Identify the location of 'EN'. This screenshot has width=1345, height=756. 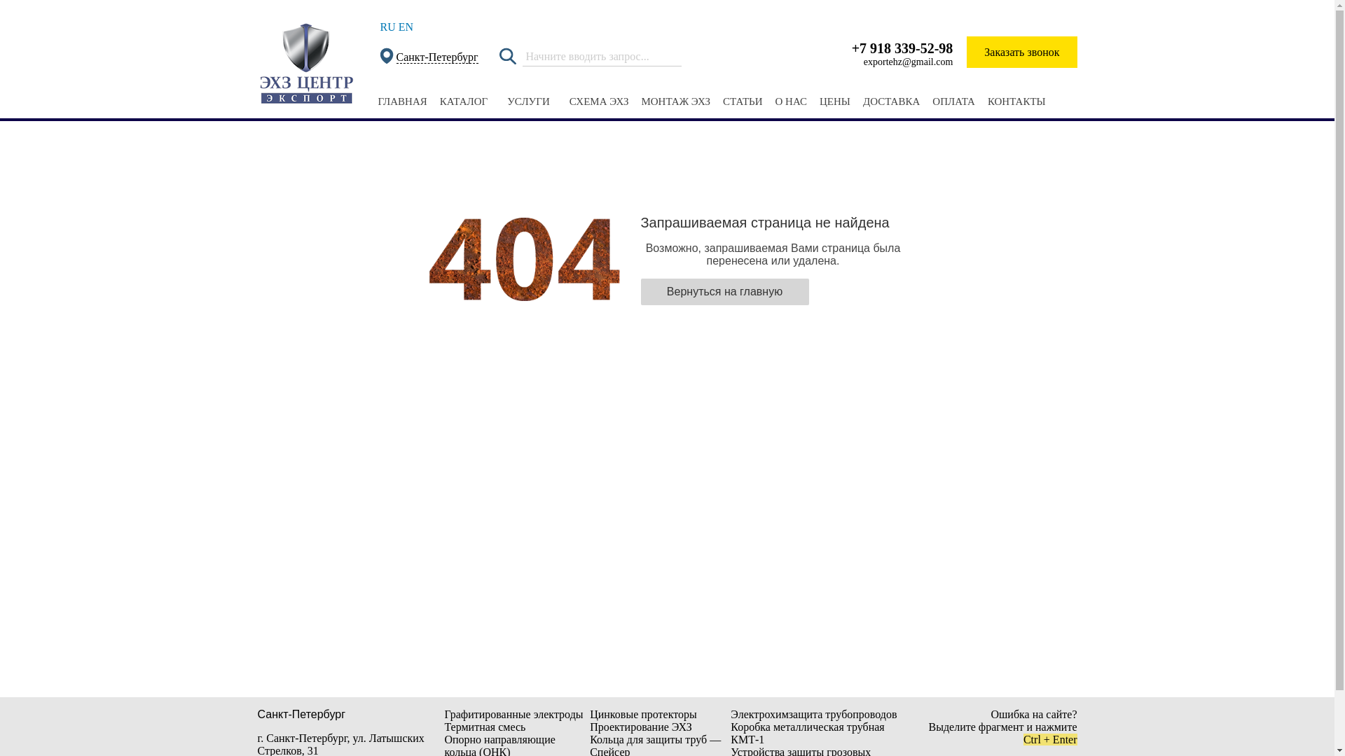
(405, 27).